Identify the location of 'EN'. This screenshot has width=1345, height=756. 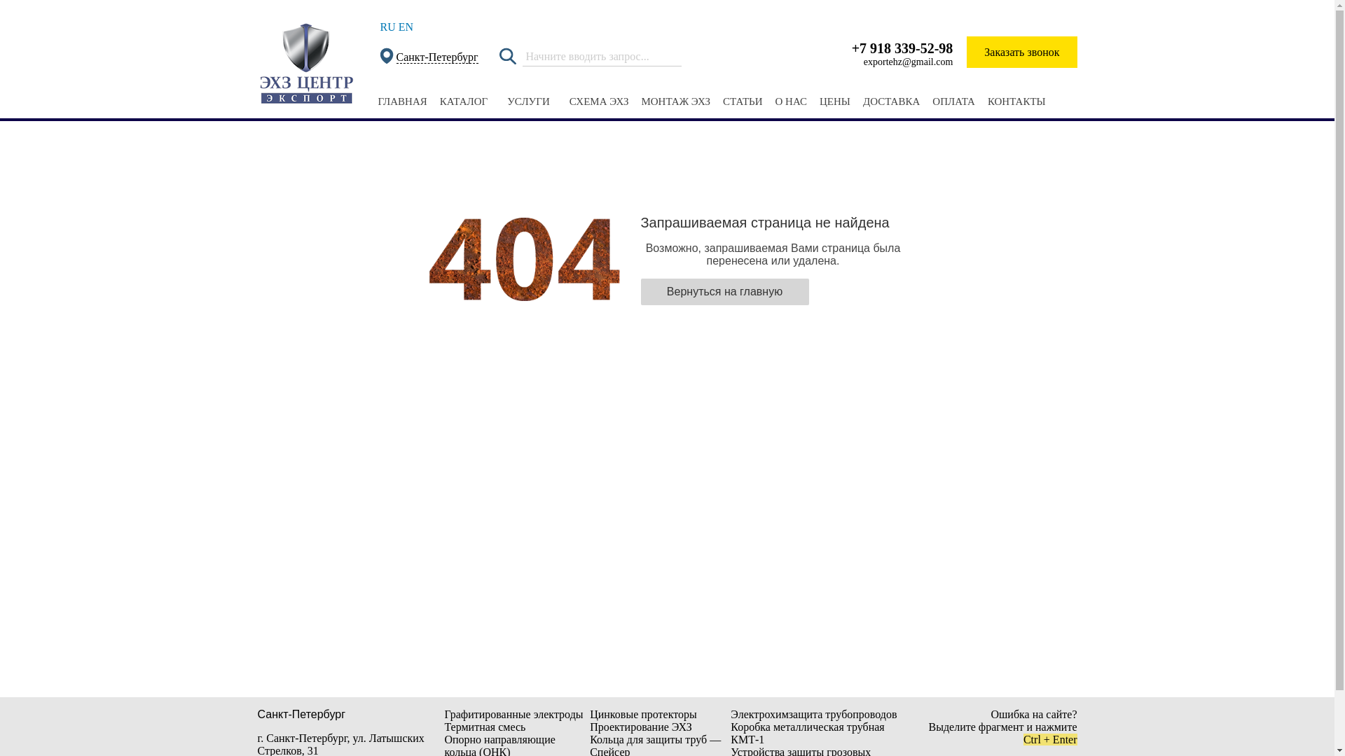
(405, 27).